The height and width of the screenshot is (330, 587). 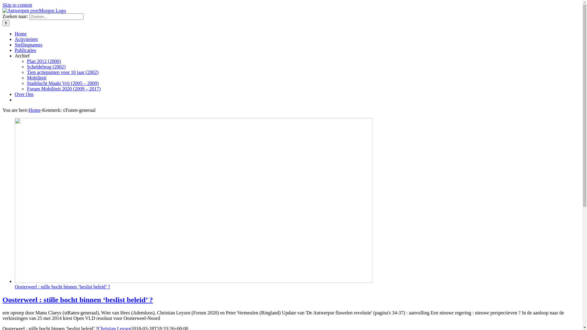 I want to click on 'Stellingnames', so click(x=32, y=44).